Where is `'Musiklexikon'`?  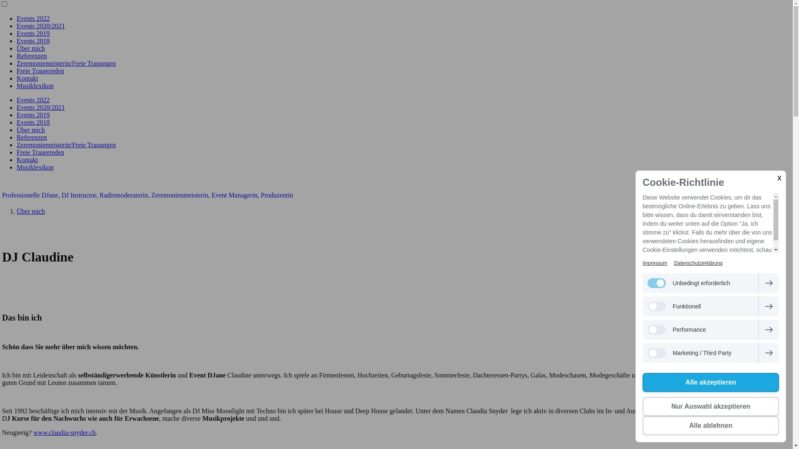 'Musiklexikon' is located at coordinates (35, 167).